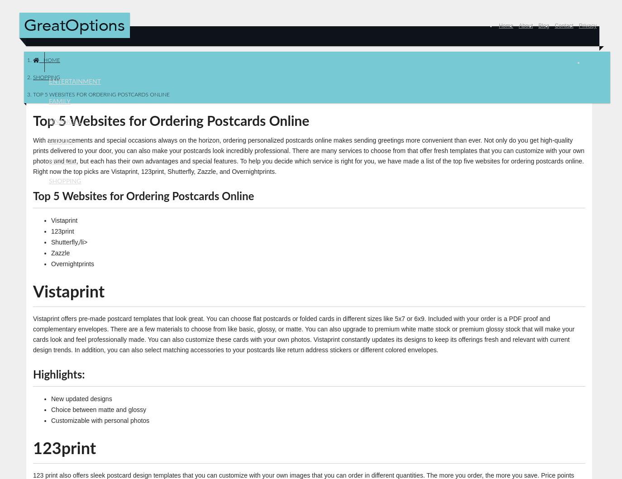 The height and width of the screenshot is (479, 622). Describe the element at coordinates (309, 155) in the screenshot. I see `'With announcements and special occasions always on the horizon, ordering personalized postcards online makes sending greetings more convenient than ever. Not only do you get high-quality prints delivered to your door, you can also make your postcards look incredibly professional. There are many services to choose from that offer fresh templates that you can customize with your own photos and text, but each has their own advantages and special features. To help you decide which service is right for you, we have made a list of the top five websites for ordering postcards online. Right now the top picks are Vistaprint, 123print, Shutterfly, Zazzle, and Overnightprints.'` at that location.